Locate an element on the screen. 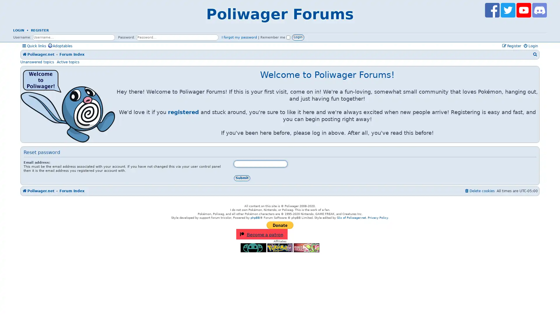  Login is located at coordinates (298, 37).